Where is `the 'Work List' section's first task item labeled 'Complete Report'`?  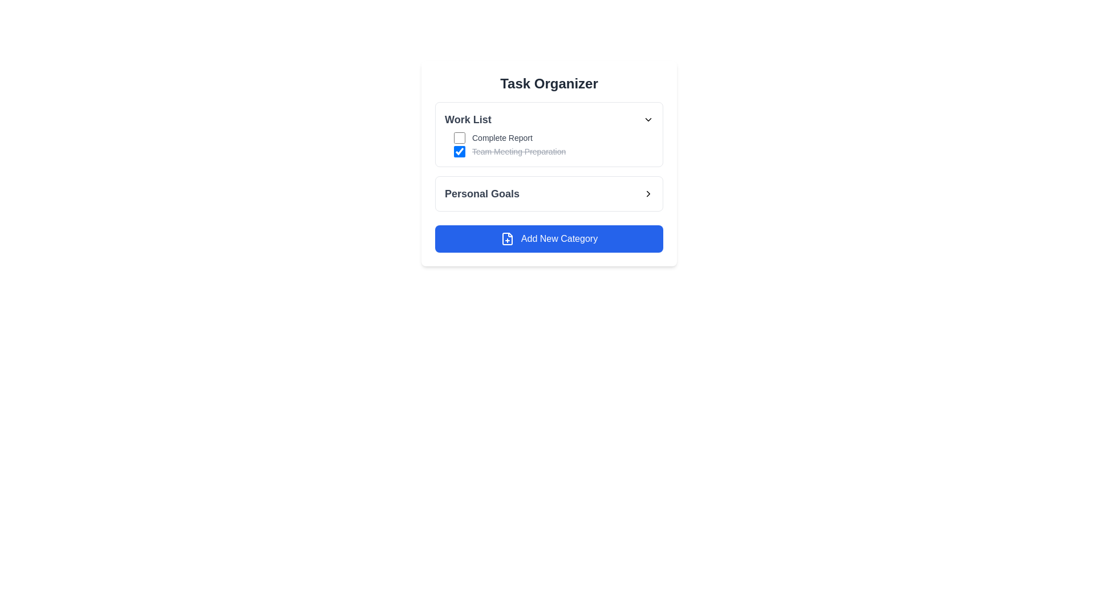 the 'Work List' section's first task item labeled 'Complete Report' is located at coordinates (549, 144).